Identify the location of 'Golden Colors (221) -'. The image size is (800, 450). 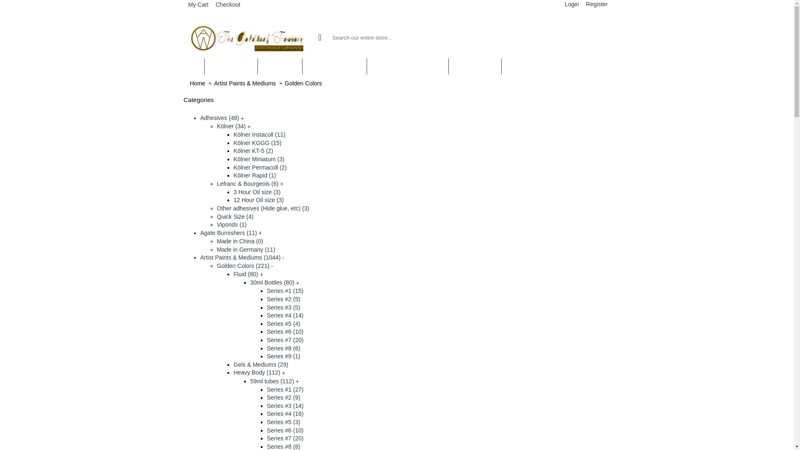
(244, 265).